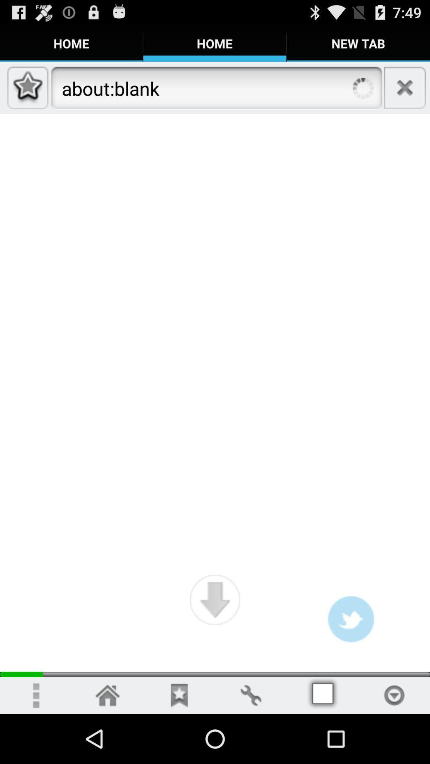 The height and width of the screenshot is (764, 430). I want to click on the home icon, so click(107, 744).